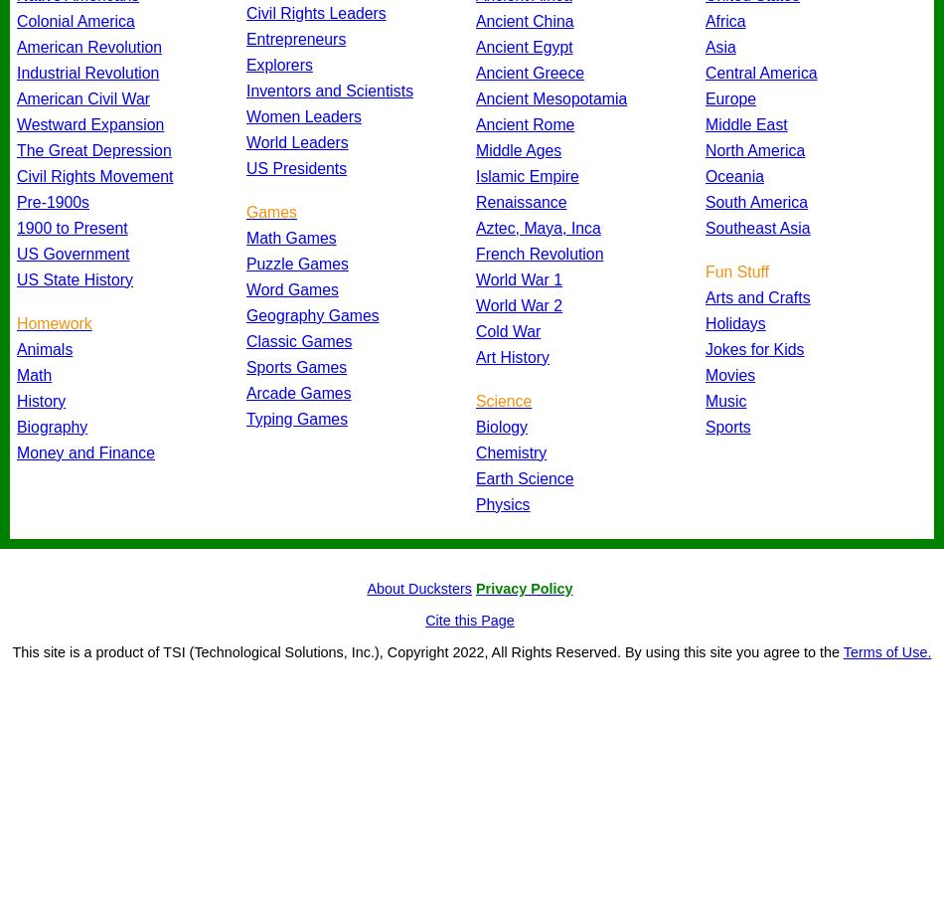 This screenshot has width=944, height=899. I want to click on 'Music', so click(724, 400).